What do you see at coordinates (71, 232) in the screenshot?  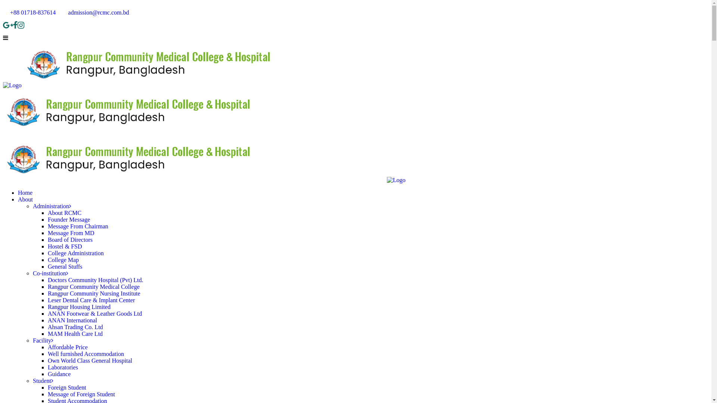 I see `'Message From MD'` at bounding box center [71, 232].